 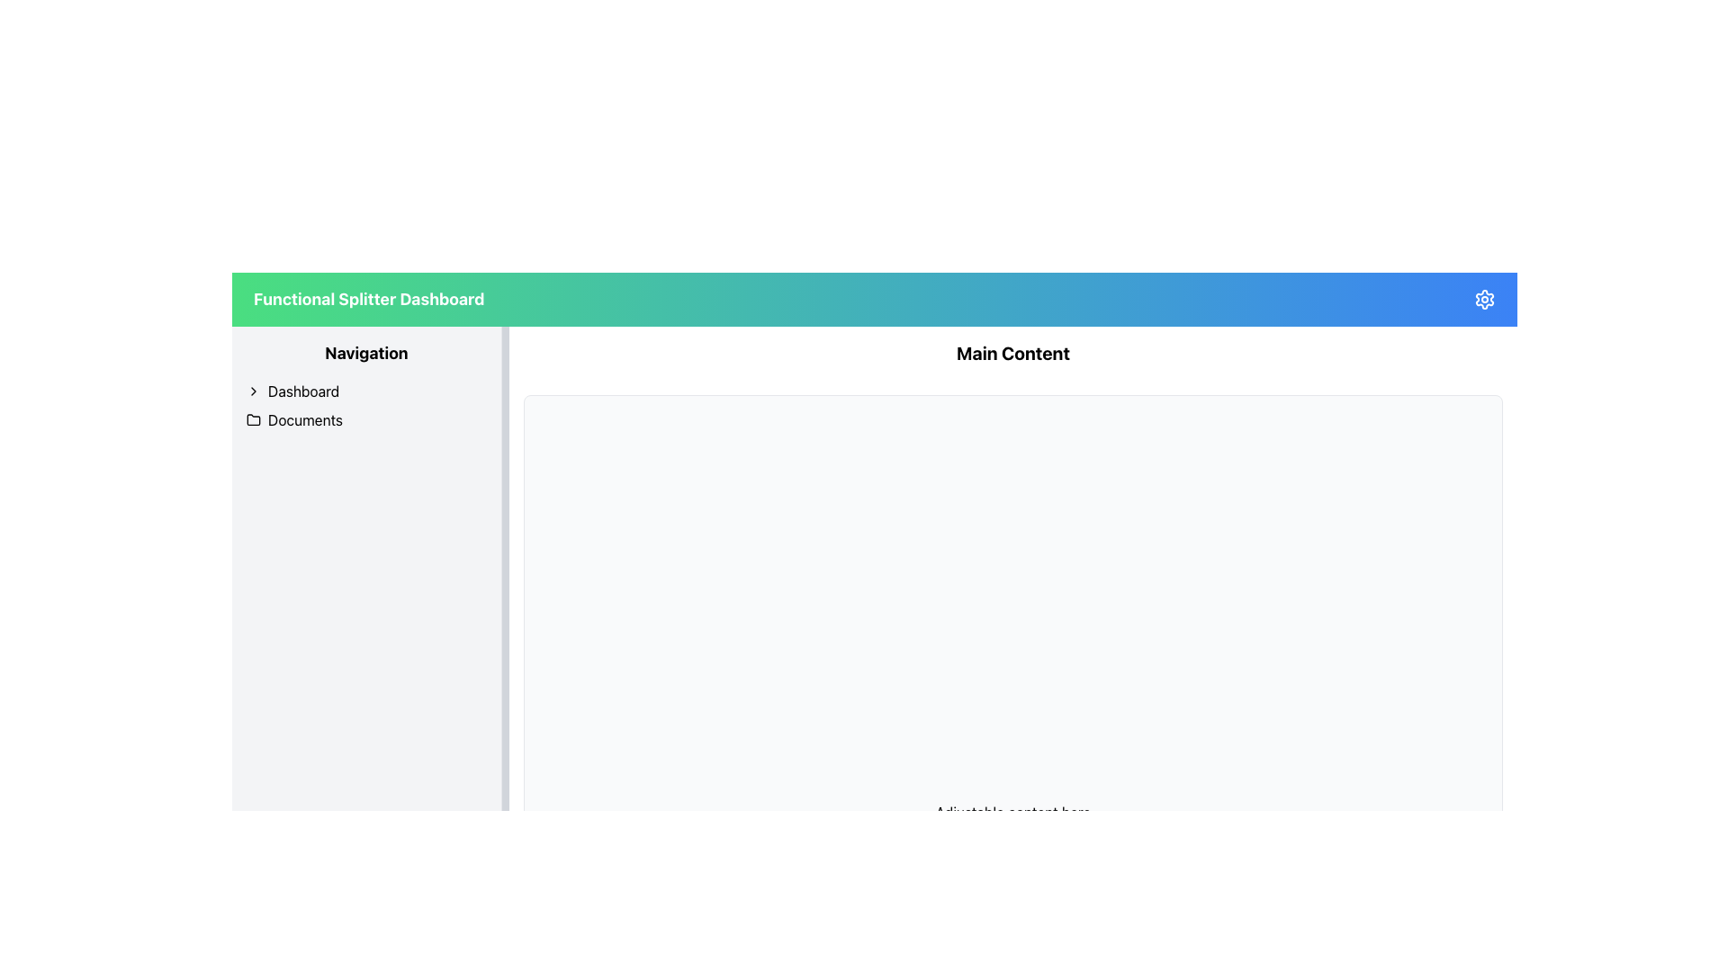 I want to click on the folder icon located in the vertical navigation bar on the left side of the interface, next to the 'Documents' label, so click(x=253, y=419).